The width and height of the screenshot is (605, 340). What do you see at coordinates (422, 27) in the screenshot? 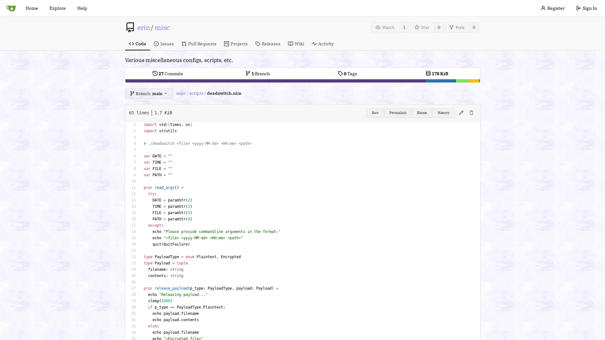
I see `Star` at bounding box center [422, 27].